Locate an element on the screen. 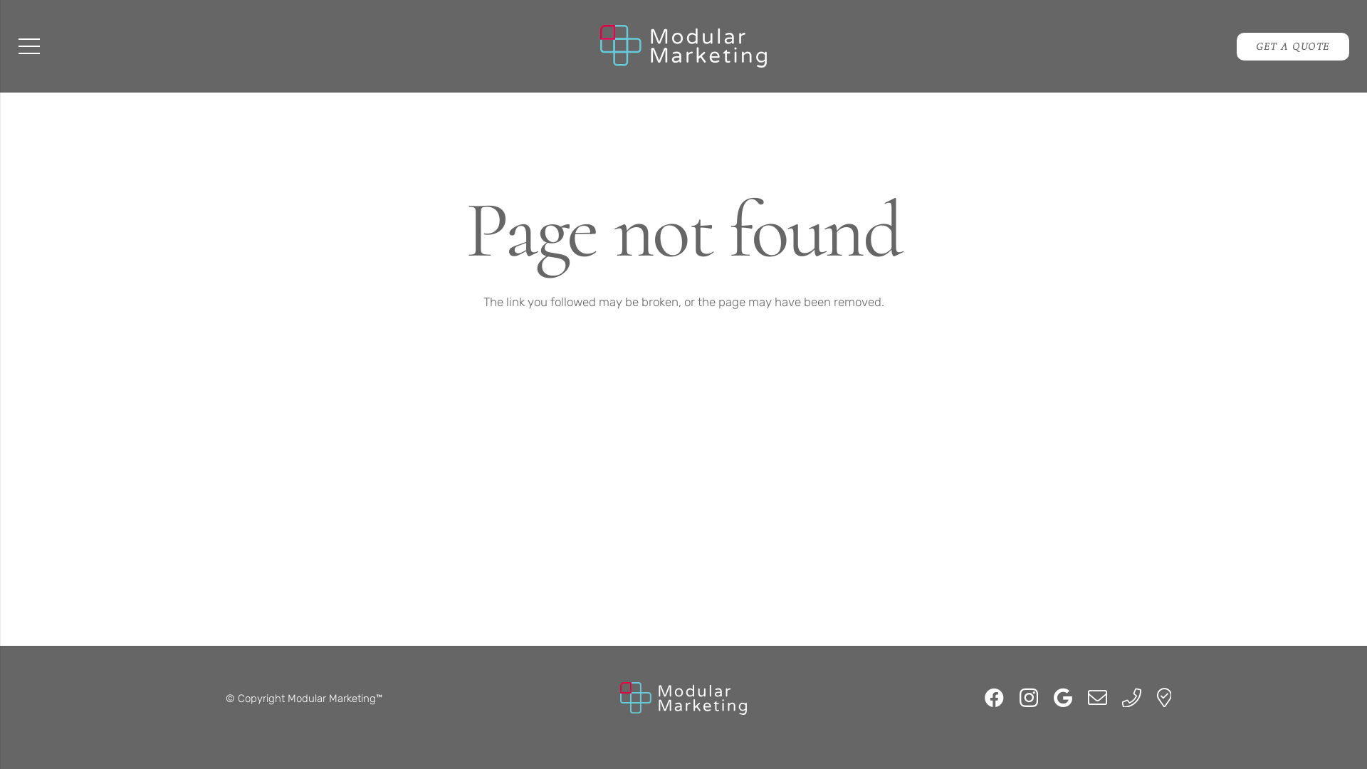 The height and width of the screenshot is (769, 1367). 'Google' is located at coordinates (1062, 696).